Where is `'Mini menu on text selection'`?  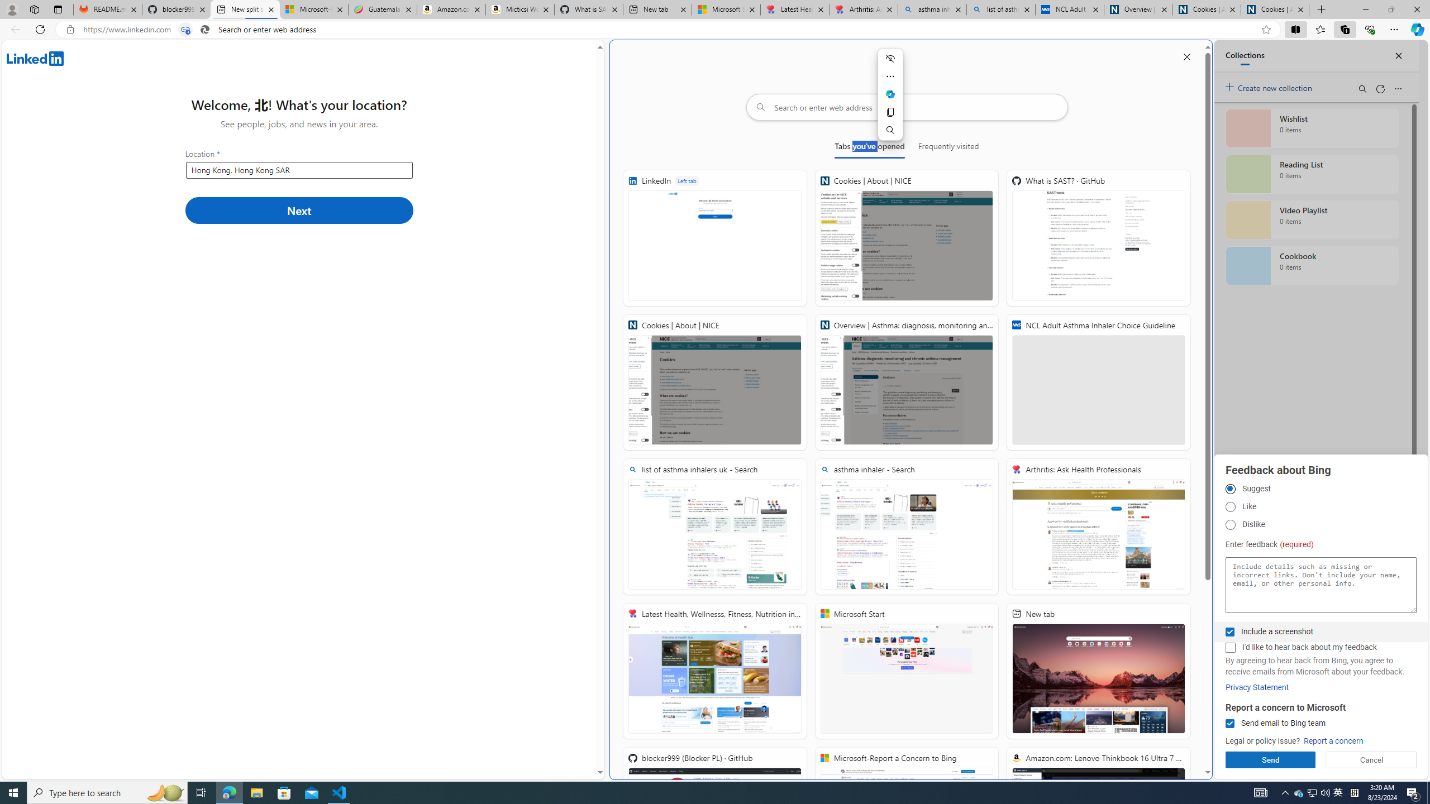
'Mini menu on text selection' is located at coordinates (890, 100).